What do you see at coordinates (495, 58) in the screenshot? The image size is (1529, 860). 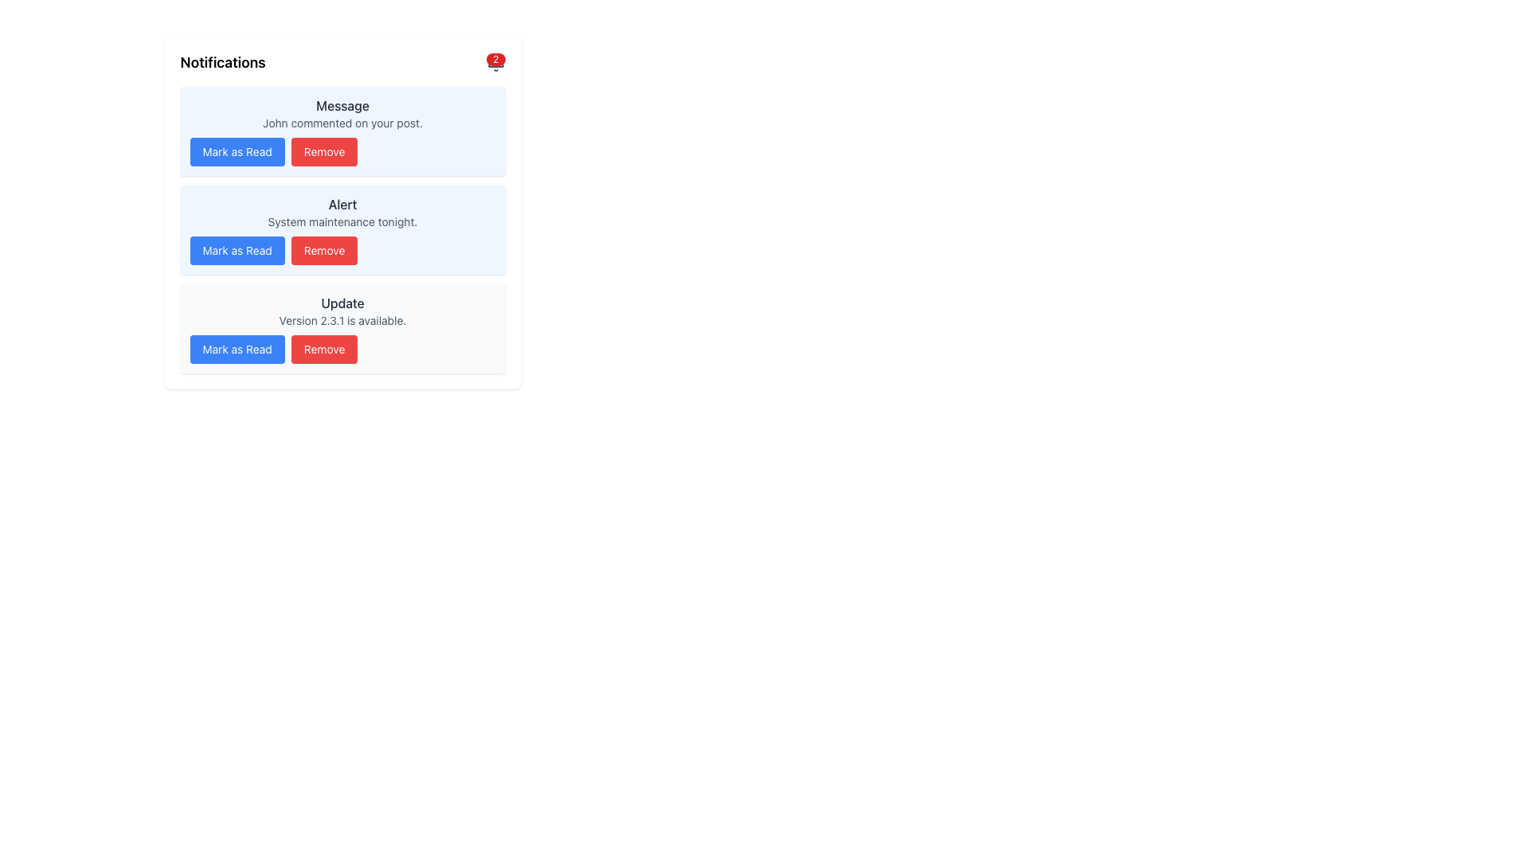 I see `the count displayed in the small, circular badge with a red background and white text showing '2', located at the top-right corner of the notification icon` at bounding box center [495, 58].